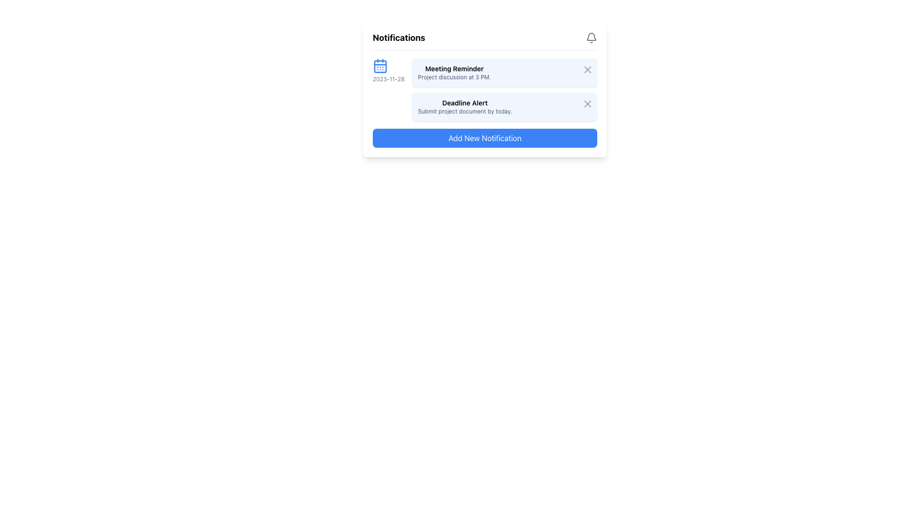 The image size is (913, 513). I want to click on notification message displayed in the static text within the second notification item of the 'Deadline Alert' card, so click(465, 111).